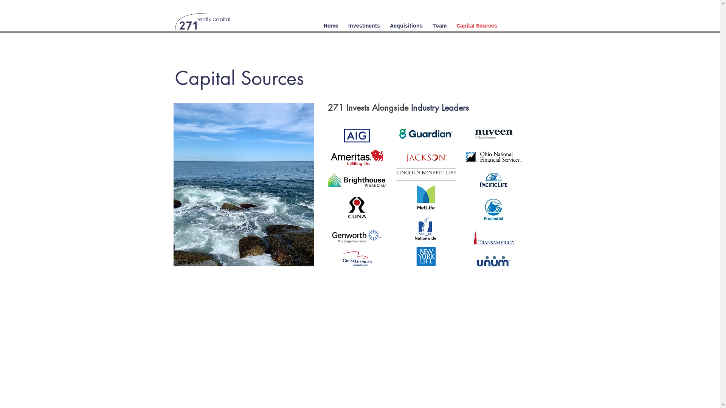 The height and width of the screenshot is (408, 726). What do you see at coordinates (364, 22) in the screenshot?
I see `'Investments'` at bounding box center [364, 22].